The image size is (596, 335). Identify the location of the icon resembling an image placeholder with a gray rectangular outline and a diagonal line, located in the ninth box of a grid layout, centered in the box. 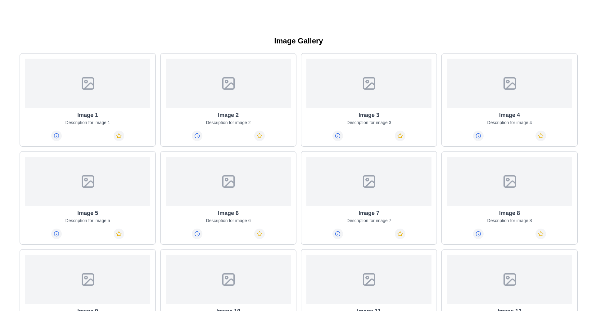
(228, 279).